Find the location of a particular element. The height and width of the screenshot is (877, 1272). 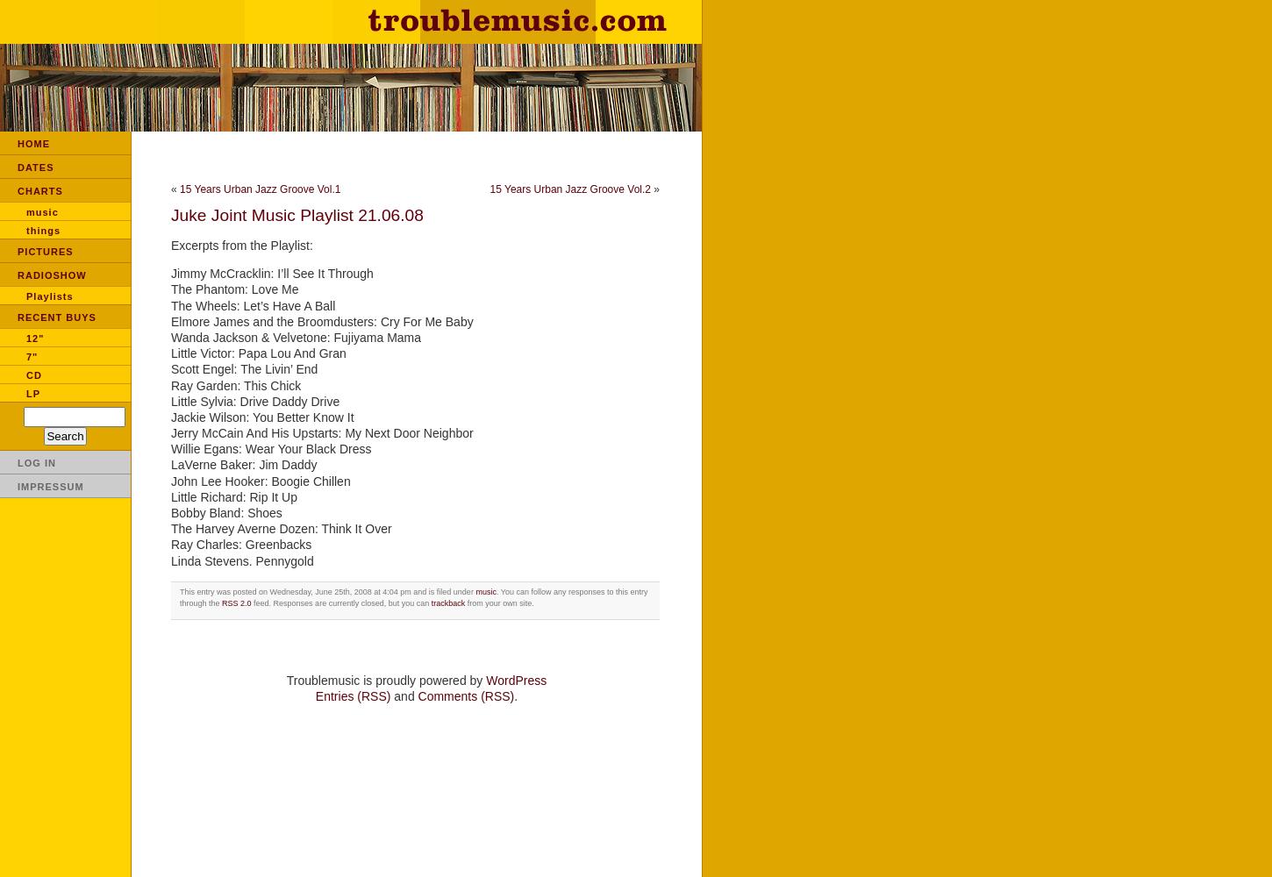

'Ray Garden: This Chick' is located at coordinates (235, 384).